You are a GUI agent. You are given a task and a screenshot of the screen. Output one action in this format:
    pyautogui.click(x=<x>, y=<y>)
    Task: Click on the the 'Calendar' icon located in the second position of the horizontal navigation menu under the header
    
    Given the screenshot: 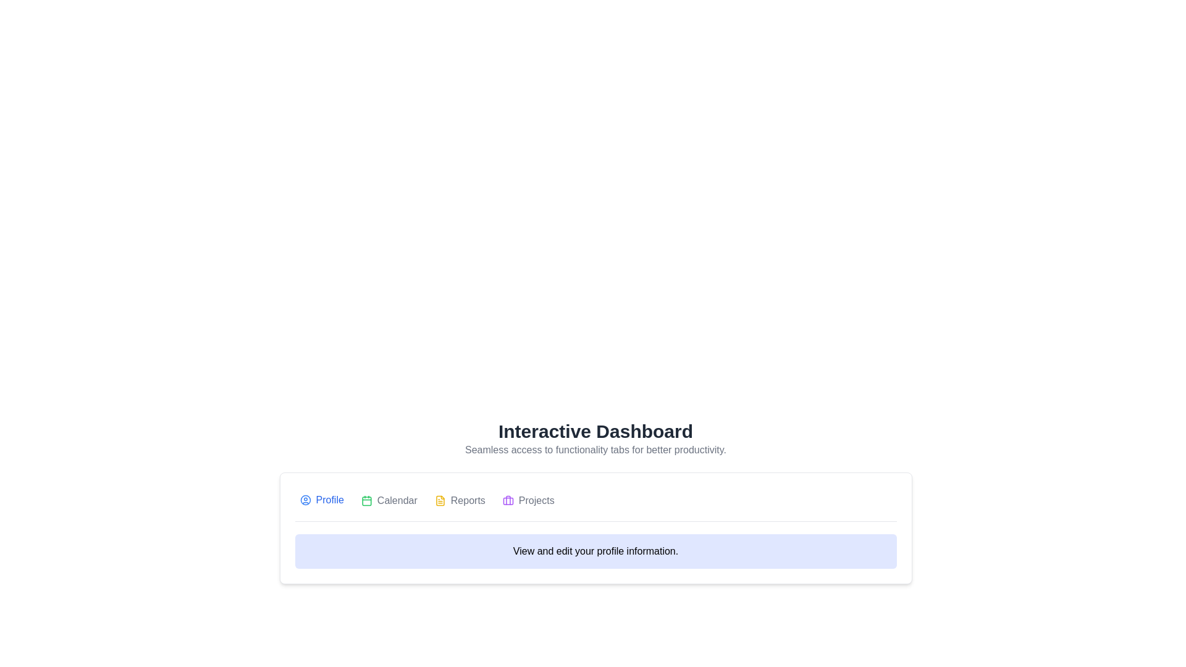 What is the action you would take?
    pyautogui.click(x=366, y=500)
    